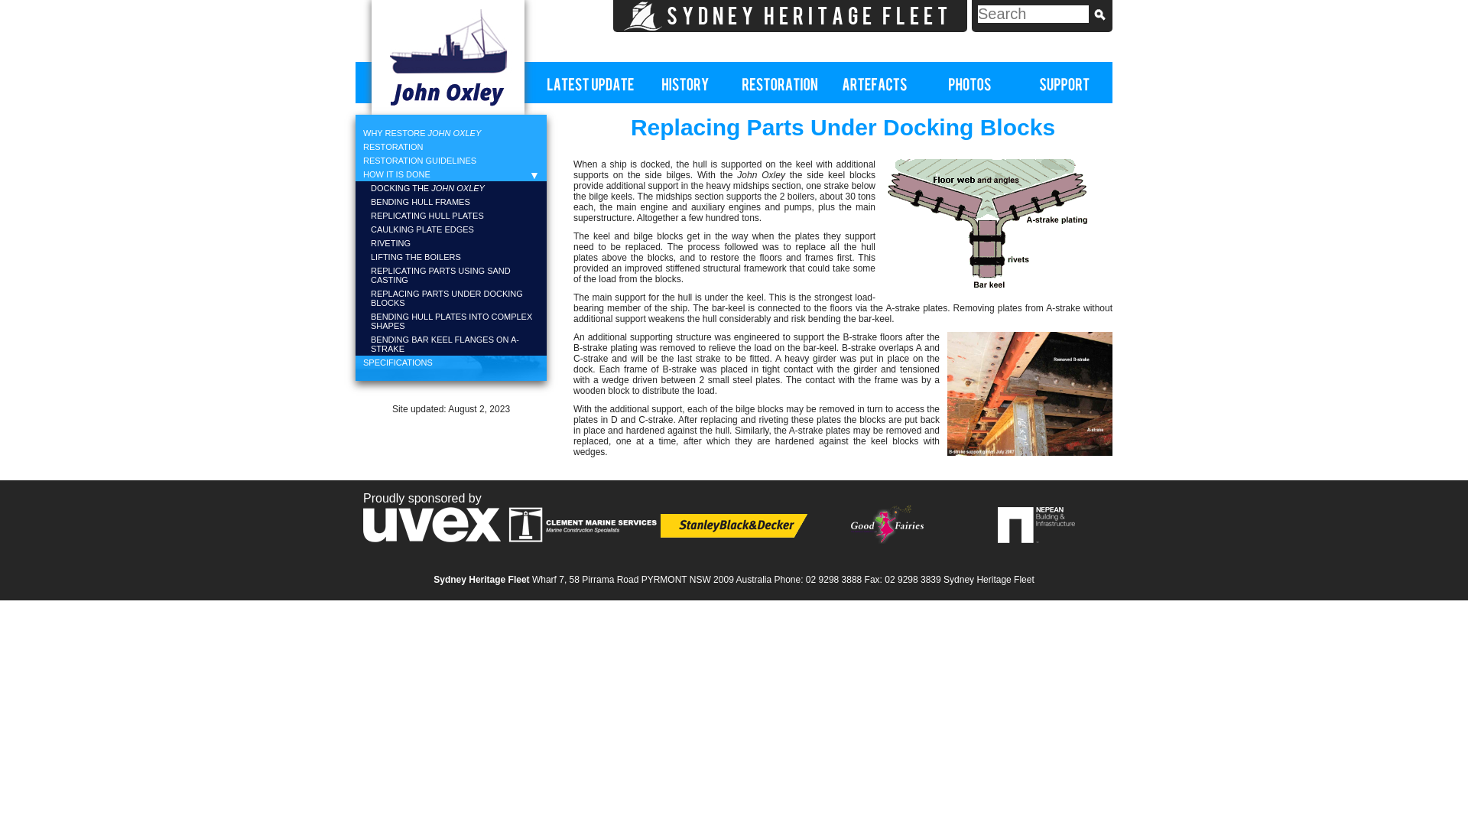 Image resolution: width=1468 pixels, height=826 pixels. Describe the element at coordinates (450, 274) in the screenshot. I see `'REPLICATING PARTS USING SAND CASTING'` at that location.